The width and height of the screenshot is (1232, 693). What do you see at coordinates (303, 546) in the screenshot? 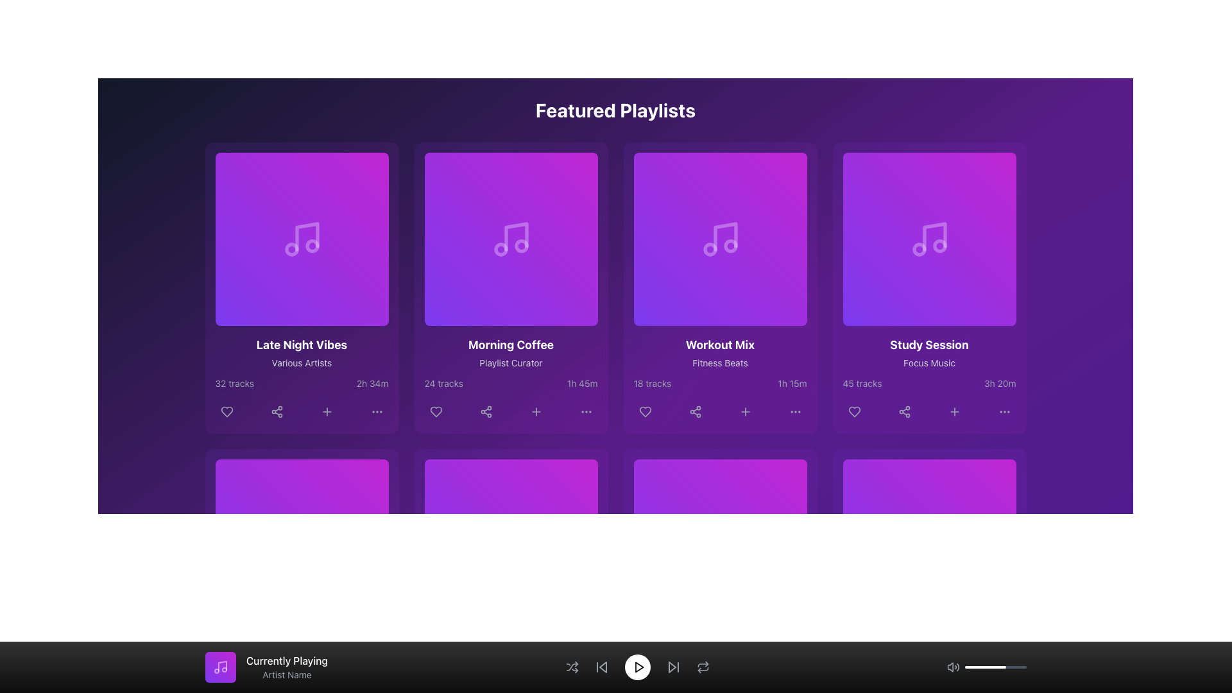
I see `the button with a triangular play icon embedded in a circular component located at the central bottom of the page, beneath the playlist display` at bounding box center [303, 546].